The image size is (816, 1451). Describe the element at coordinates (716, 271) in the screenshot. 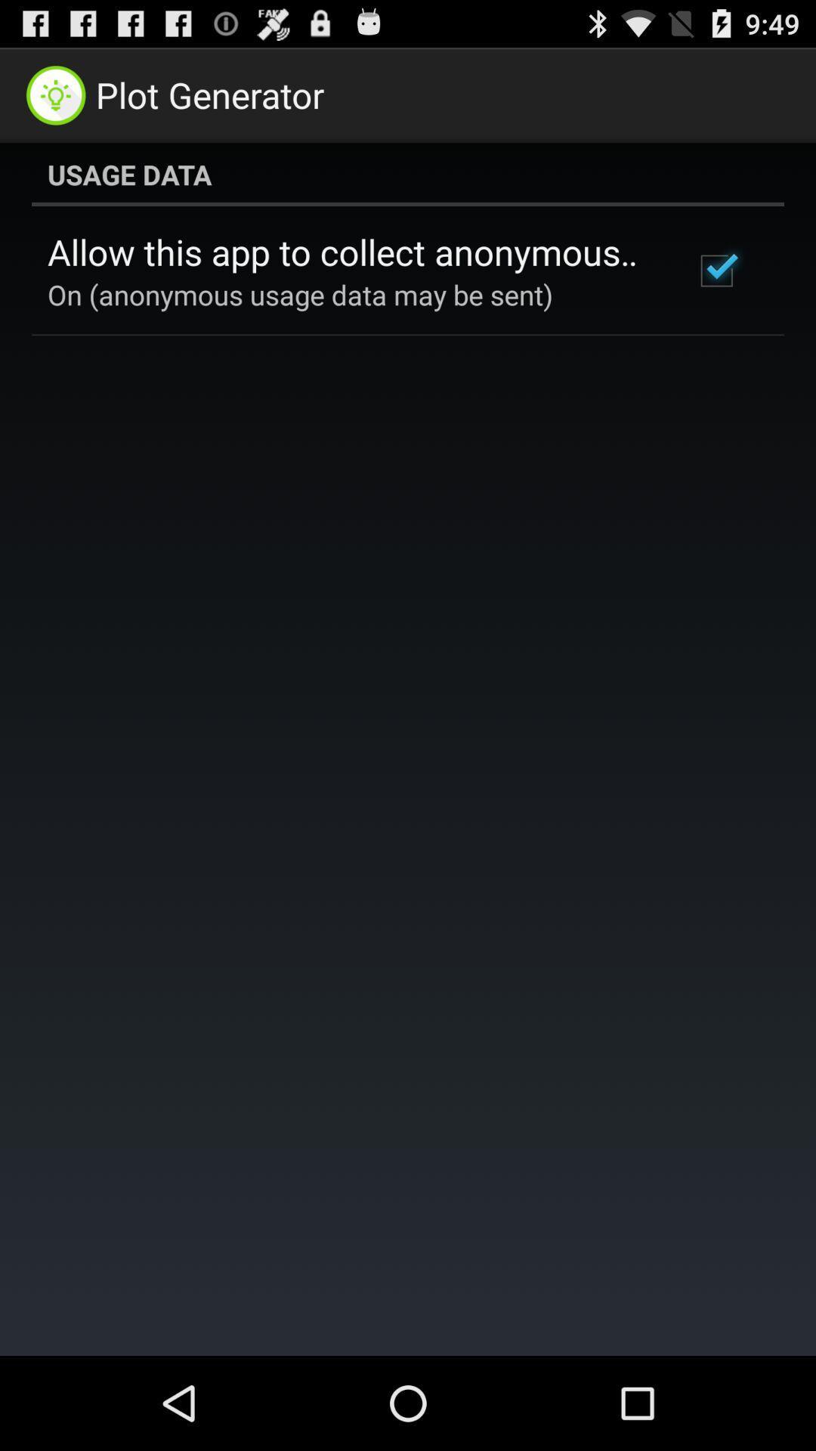

I see `the item next to the allow this app icon` at that location.